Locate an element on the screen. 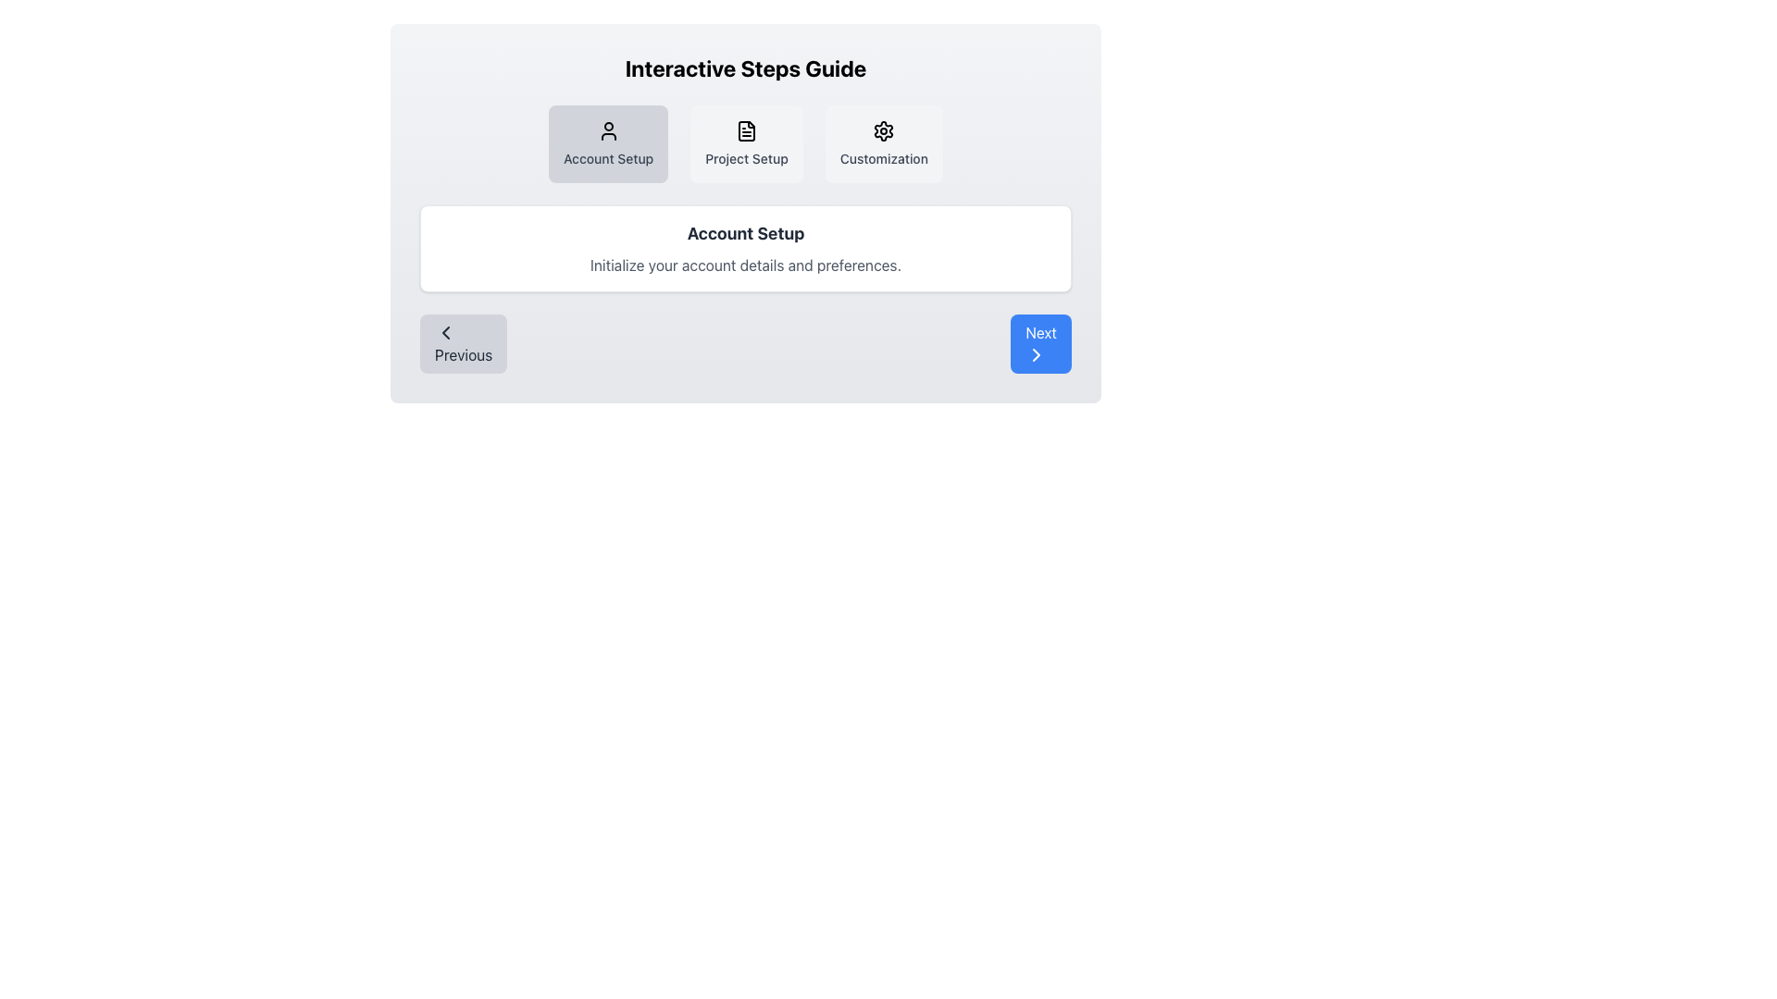 The height and width of the screenshot is (999, 1777). the text label reading 'Customization', which is styled in medium gray and located near the top center of the interactive steps guide is located at coordinates (883, 158).